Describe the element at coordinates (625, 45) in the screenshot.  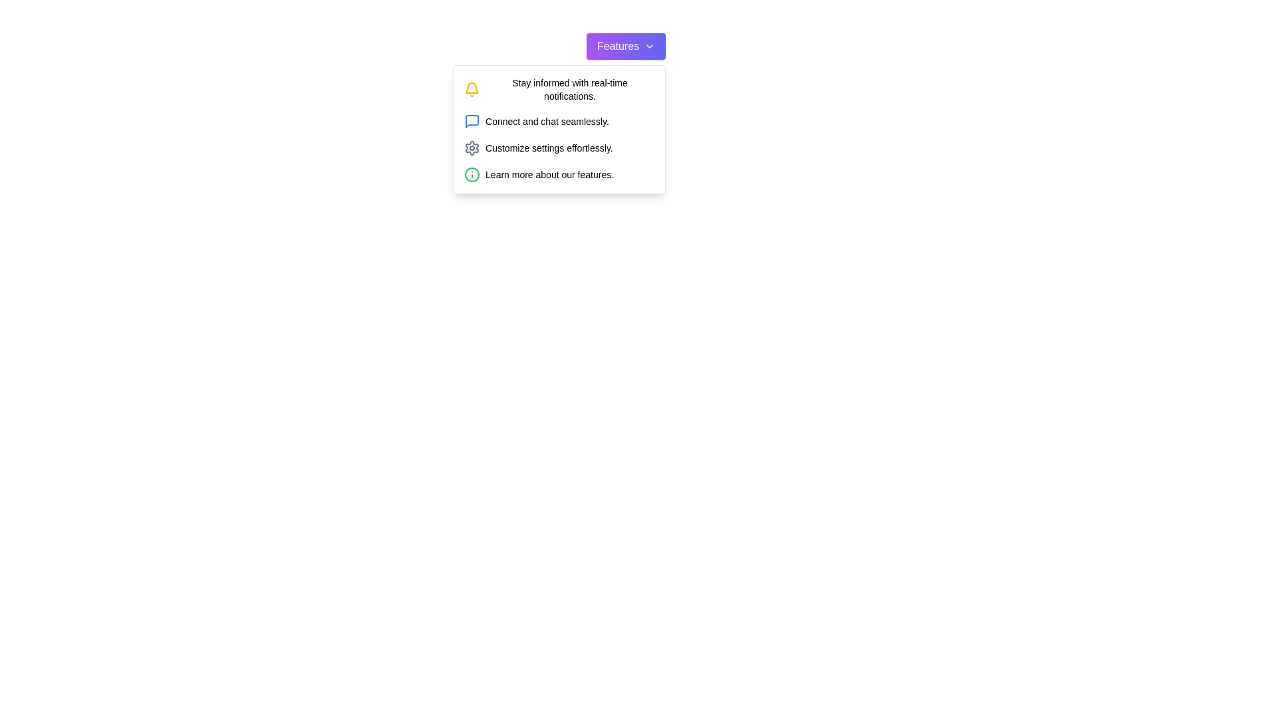
I see `the dropdown toggle button located near the top of the dropdown menu` at that location.